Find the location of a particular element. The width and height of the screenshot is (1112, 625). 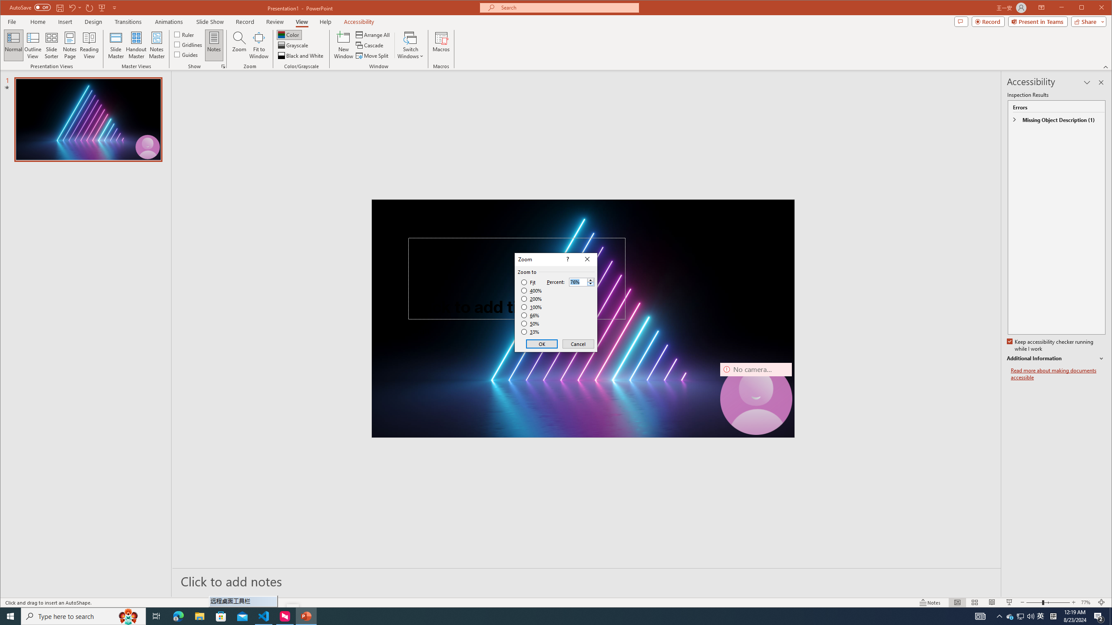

'New Window' is located at coordinates (344, 45).